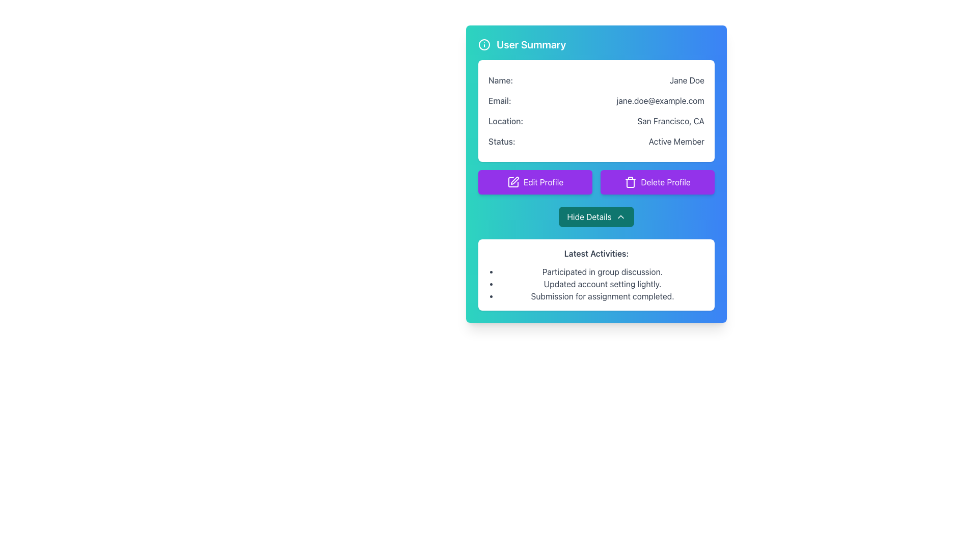 This screenshot has width=978, height=550. What do you see at coordinates (506, 121) in the screenshot?
I see `the 'Location:' text label which indicates the user's location information in the user summary interface` at bounding box center [506, 121].